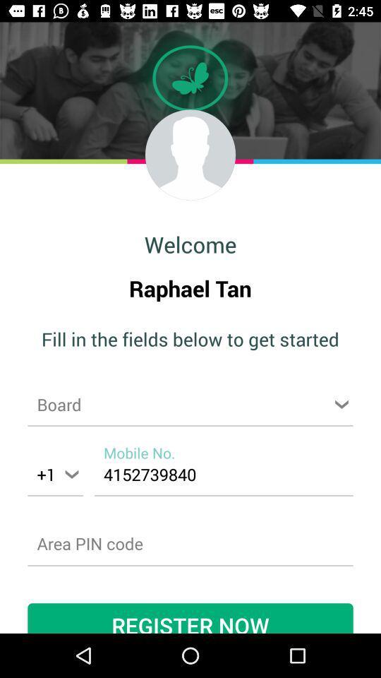 The image size is (381, 678). I want to click on profile pic, so click(190, 155).